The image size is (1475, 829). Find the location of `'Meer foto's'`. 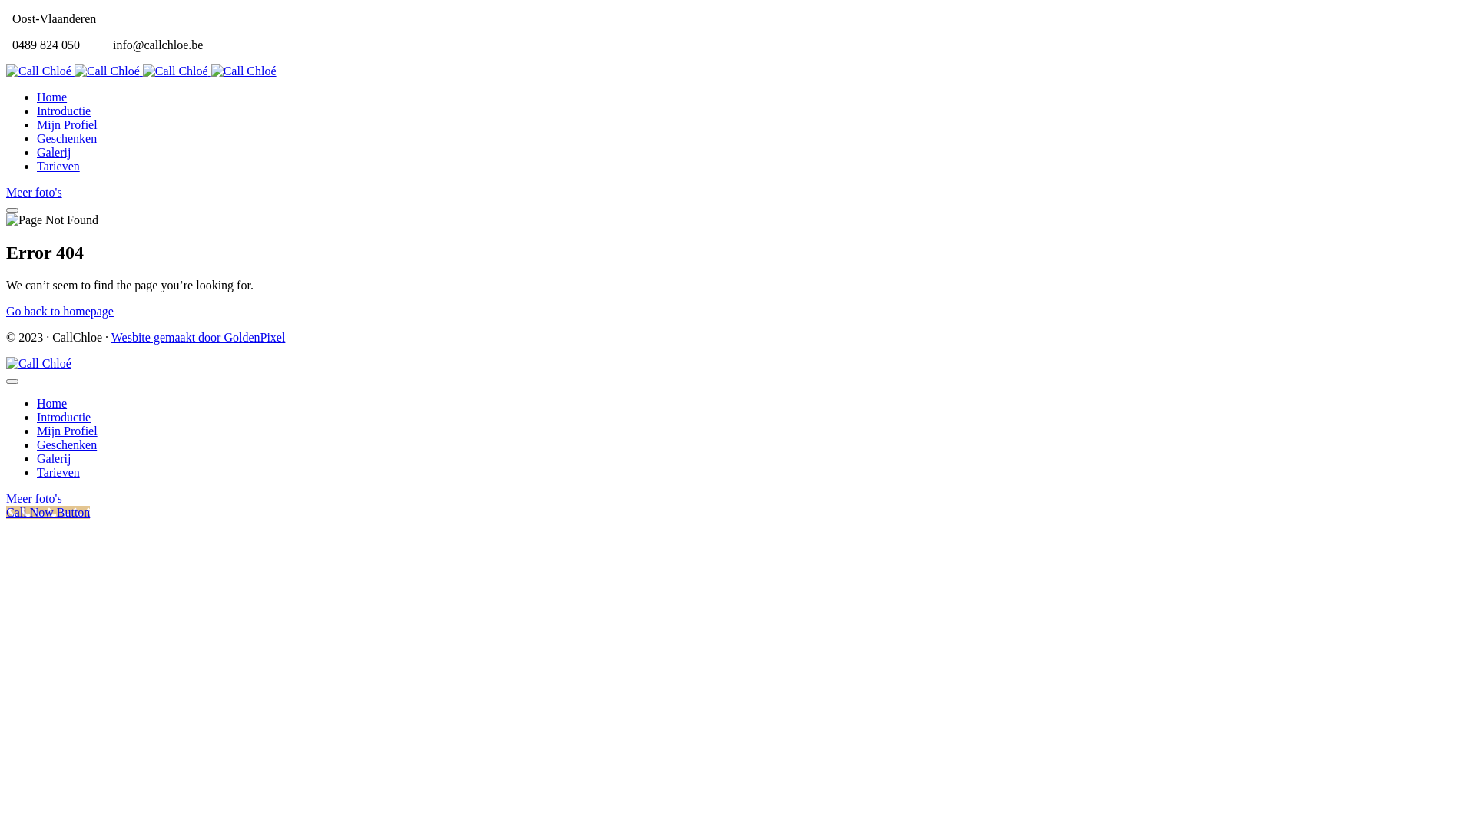

'Meer foto's' is located at coordinates (34, 191).